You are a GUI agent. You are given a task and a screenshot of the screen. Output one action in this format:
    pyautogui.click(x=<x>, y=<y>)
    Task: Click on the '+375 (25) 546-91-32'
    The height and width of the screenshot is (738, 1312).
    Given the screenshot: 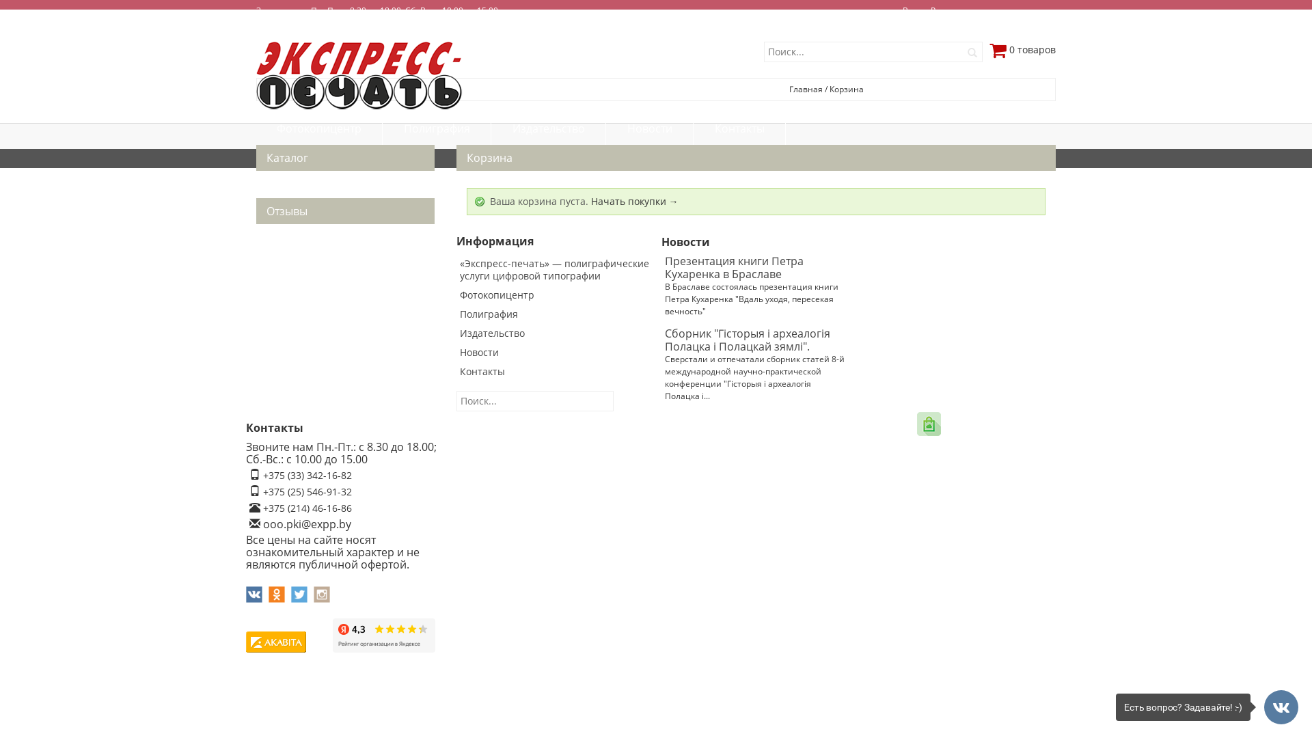 What is the action you would take?
    pyautogui.click(x=262, y=491)
    